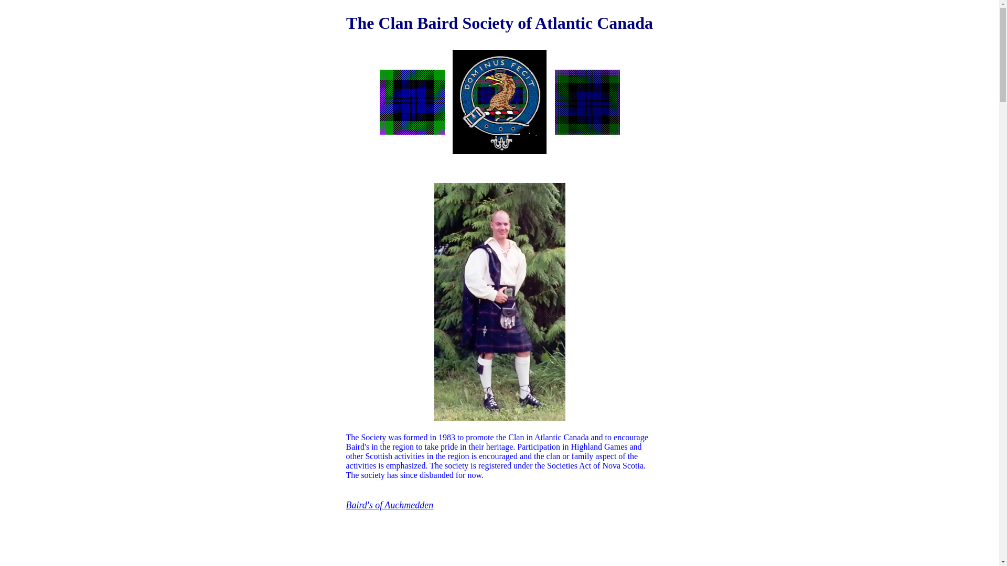 The height and width of the screenshot is (566, 1007). Describe the element at coordinates (389, 505) in the screenshot. I see `'Baird's of Auchmedden'` at that location.